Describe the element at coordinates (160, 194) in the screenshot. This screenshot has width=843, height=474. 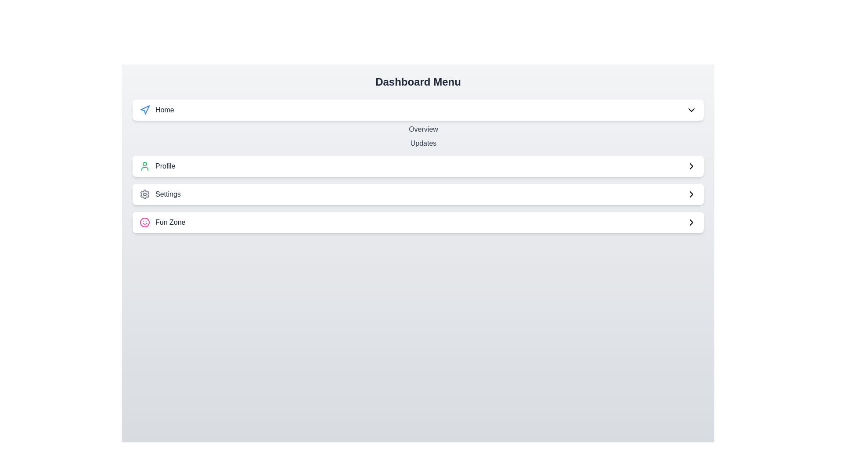
I see `the 'Settings' navigation menu item, which is located in the third row of the list, directly below 'Profile' and above 'Fun Zone'` at that location.